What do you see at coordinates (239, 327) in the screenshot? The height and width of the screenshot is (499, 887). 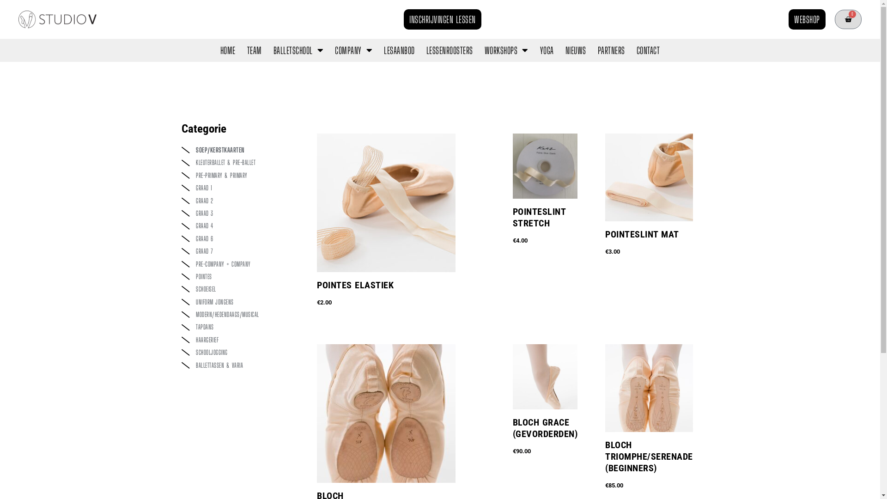 I see `'TAPDANS'` at bounding box center [239, 327].